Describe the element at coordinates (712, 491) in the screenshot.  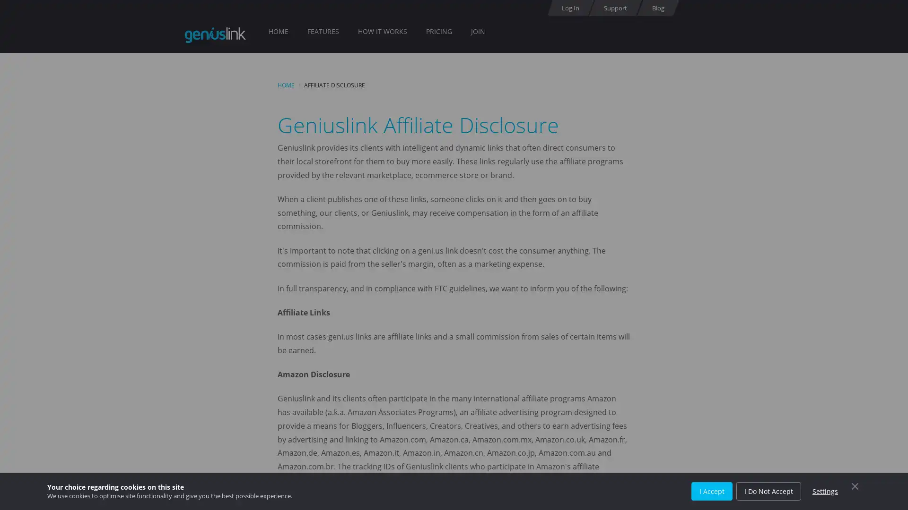
I see `I Accept` at that location.